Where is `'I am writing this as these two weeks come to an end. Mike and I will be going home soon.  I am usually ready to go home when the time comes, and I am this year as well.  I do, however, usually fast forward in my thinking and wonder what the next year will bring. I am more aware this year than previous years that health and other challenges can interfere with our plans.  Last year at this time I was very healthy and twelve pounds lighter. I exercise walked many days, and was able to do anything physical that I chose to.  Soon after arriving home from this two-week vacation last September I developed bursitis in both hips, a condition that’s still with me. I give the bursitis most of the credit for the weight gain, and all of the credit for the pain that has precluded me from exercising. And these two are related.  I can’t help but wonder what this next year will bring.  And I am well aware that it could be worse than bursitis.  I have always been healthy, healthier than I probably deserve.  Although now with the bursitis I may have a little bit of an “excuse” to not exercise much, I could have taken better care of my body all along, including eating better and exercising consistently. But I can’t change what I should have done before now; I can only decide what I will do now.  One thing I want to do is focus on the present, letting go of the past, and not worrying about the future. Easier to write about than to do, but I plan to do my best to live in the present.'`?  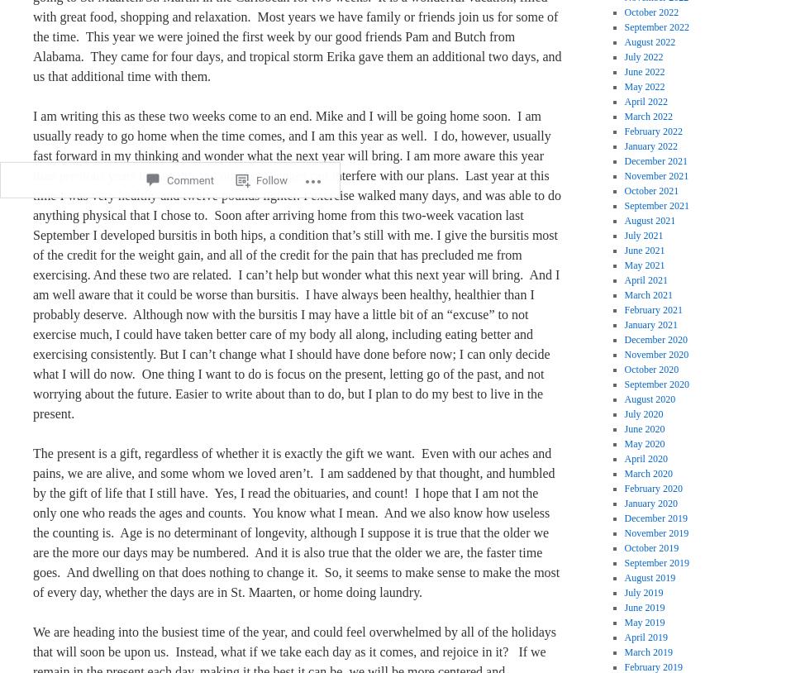
'I am writing this as these two weeks come to an end. Mike and I will be going home soon.  I am usually ready to go home when the time comes, and I am this year as well.  I do, however, usually fast forward in my thinking and wonder what the next year will bring. I am more aware this year than previous years that health and other challenges can interfere with our plans.  Last year at this time I was very healthy and twelve pounds lighter. I exercise walked many days, and was able to do anything physical that I chose to.  Soon after arriving home from this two-week vacation last September I developed bursitis in both hips, a condition that’s still with me. I give the bursitis most of the credit for the weight gain, and all of the credit for the pain that has precluded me from exercising. And these two are related.  I can’t help but wonder what this next year will bring.  And I am well aware that it could be worse than bursitis.  I have always been healthy, healthier than I probably deserve.  Although now with the bursitis I may have a little bit of an “excuse” to not exercise much, I could have taken better care of my body all along, including eating better and exercising consistently. But I can’t change what I should have done before now; I can only decide what I will do now.  One thing I want to do is focus on the present, letting go of the past, and not worrying about the future. Easier to write about than to do, but I plan to do my best to live in the present.' is located at coordinates (296, 265).